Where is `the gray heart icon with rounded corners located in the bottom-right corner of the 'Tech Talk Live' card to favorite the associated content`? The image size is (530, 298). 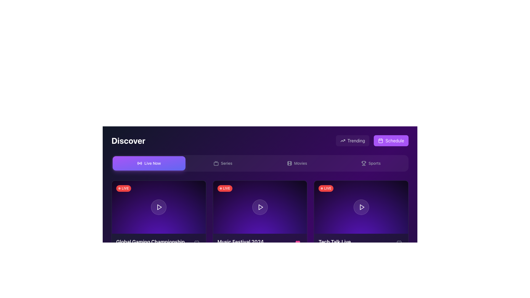 the gray heart icon with rounded corners located in the bottom-right corner of the 'Tech Talk Live' card to favorite the associated content is located at coordinates (399, 242).